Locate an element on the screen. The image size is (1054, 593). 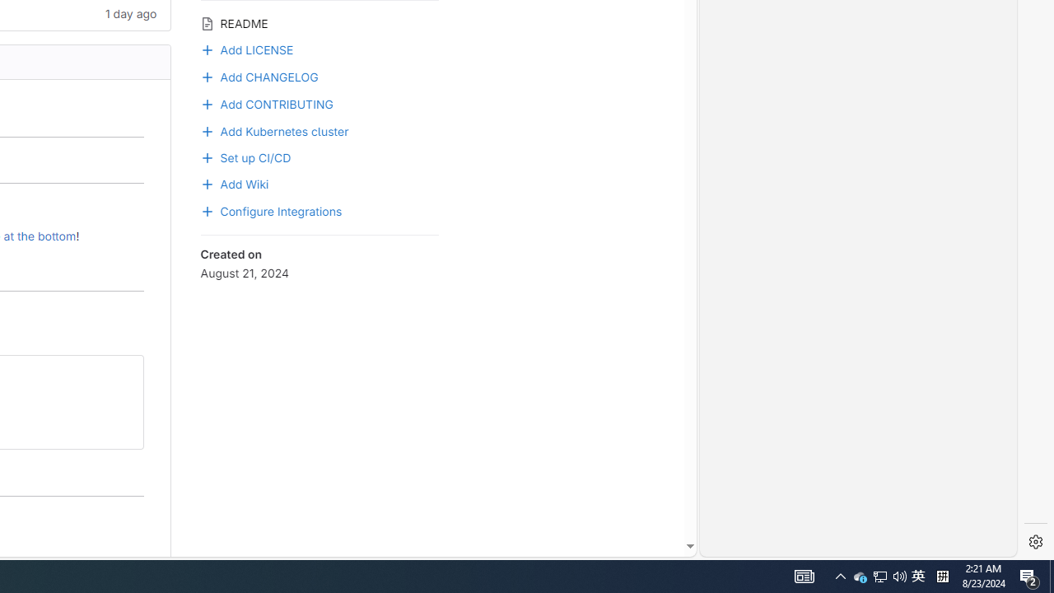
'Add Wiki' is located at coordinates (233, 183).